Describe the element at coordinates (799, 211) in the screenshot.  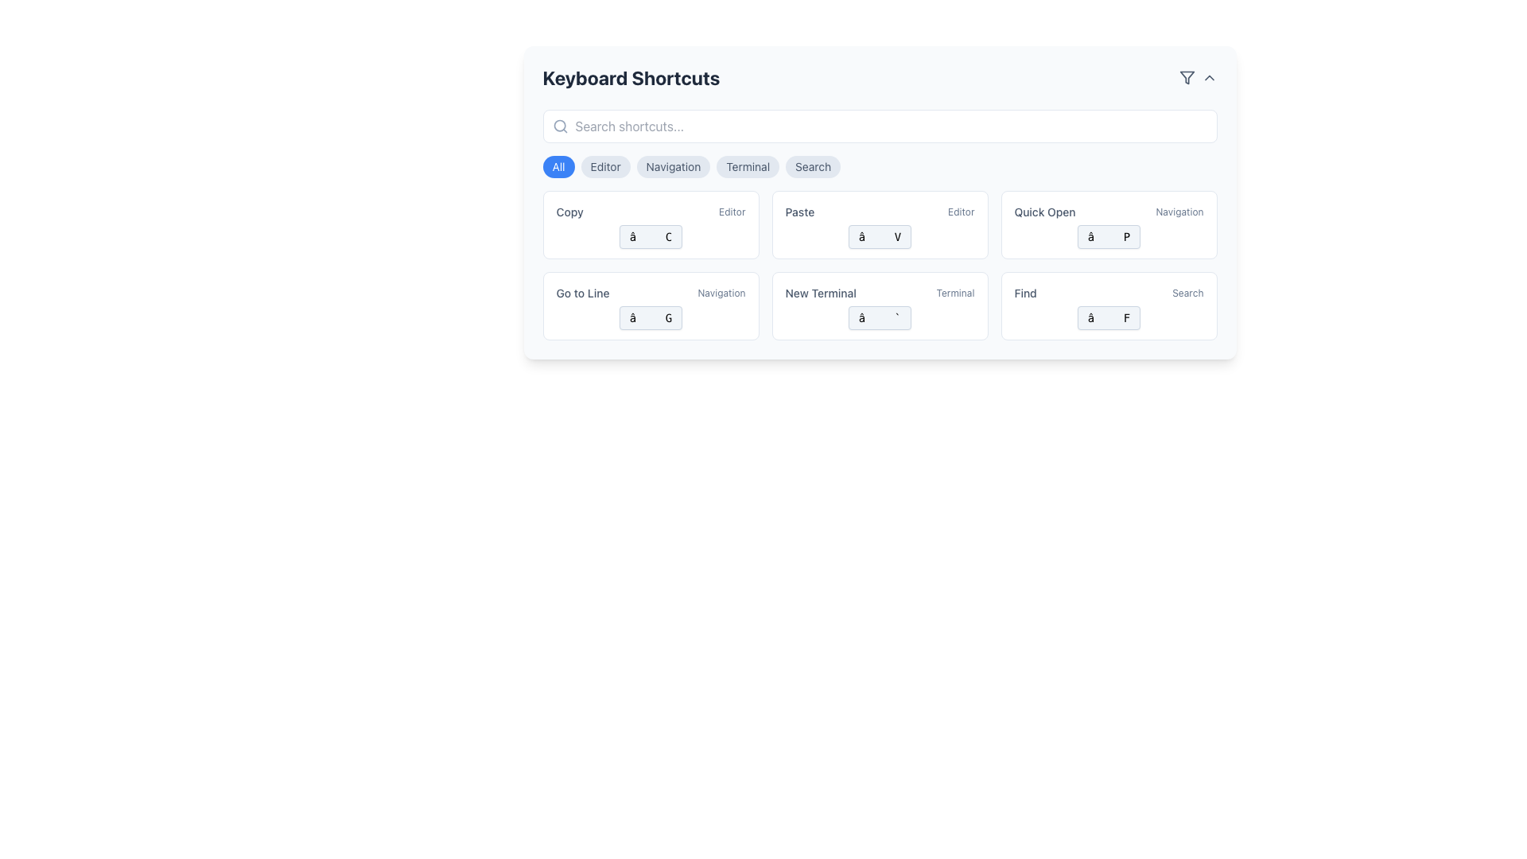
I see `the 'Paste' text label, which is a small slate-gray label in the 'Keyboard Shortcuts' interface, positioned to the left of the 'Editor' label` at that location.